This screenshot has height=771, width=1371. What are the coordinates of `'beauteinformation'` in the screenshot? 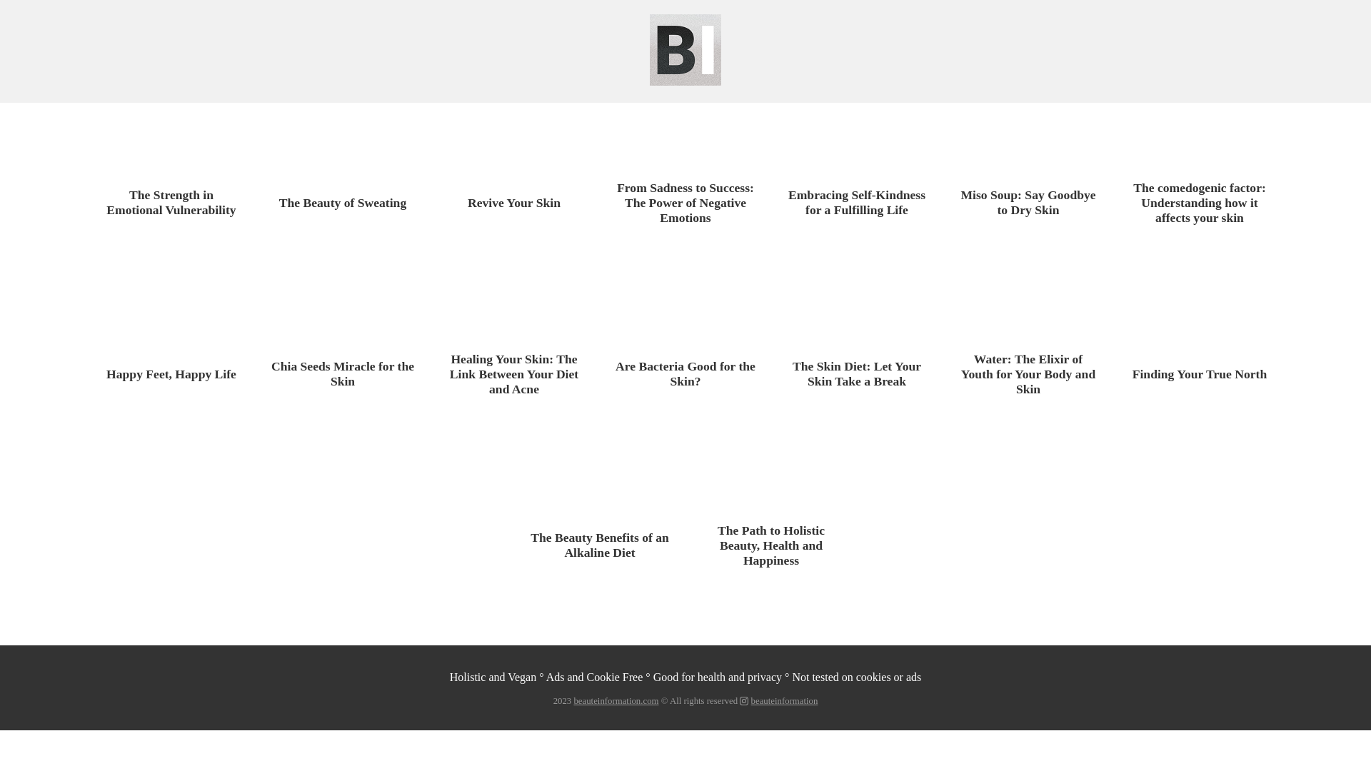 It's located at (784, 700).